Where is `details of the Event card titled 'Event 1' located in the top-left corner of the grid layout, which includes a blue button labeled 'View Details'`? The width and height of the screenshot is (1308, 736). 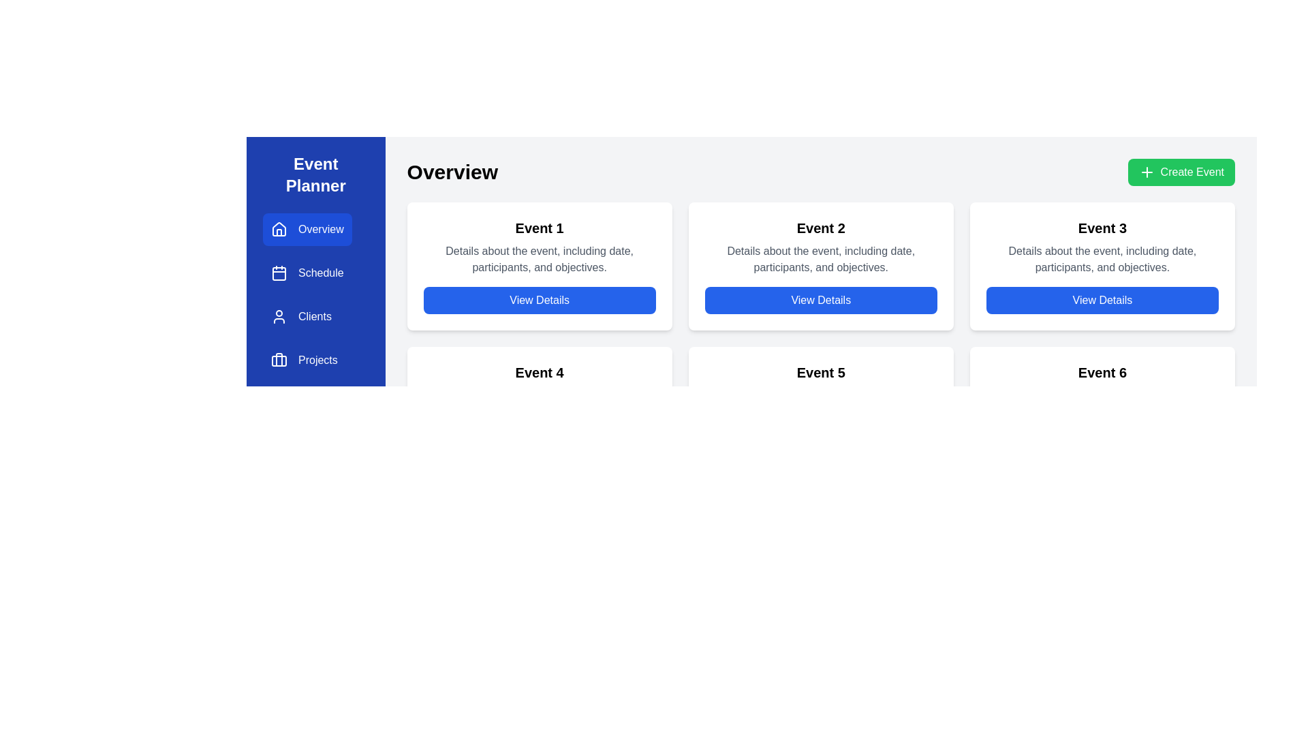 details of the Event card titled 'Event 1' located in the top-left corner of the grid layout, which includes a blue button labeled 'View Details' is located at coordinates (539, 266).